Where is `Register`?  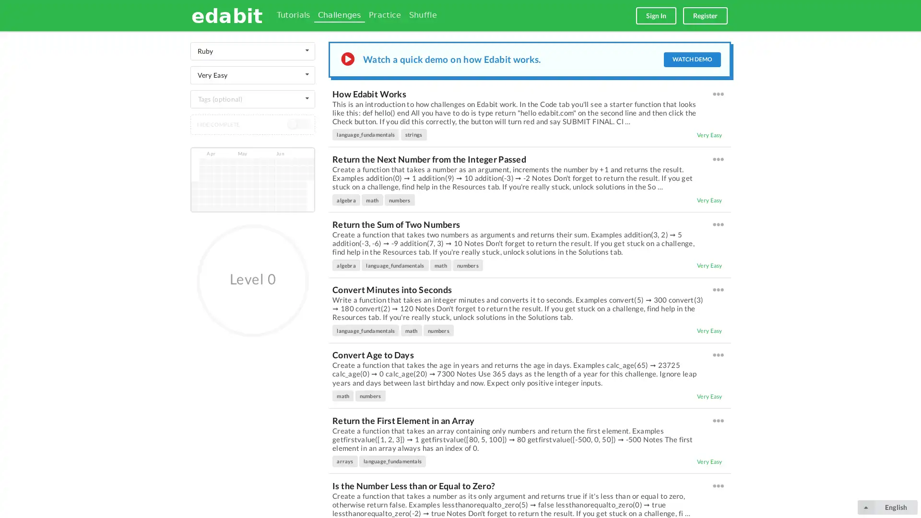
Register is located at coordinates (705, 15).